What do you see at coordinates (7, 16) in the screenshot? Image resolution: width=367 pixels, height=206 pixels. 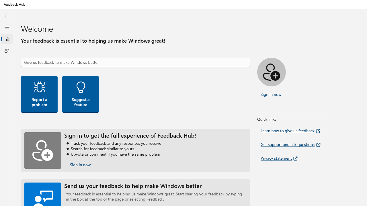 I see `'Back'` at bounding box center [7, 16].